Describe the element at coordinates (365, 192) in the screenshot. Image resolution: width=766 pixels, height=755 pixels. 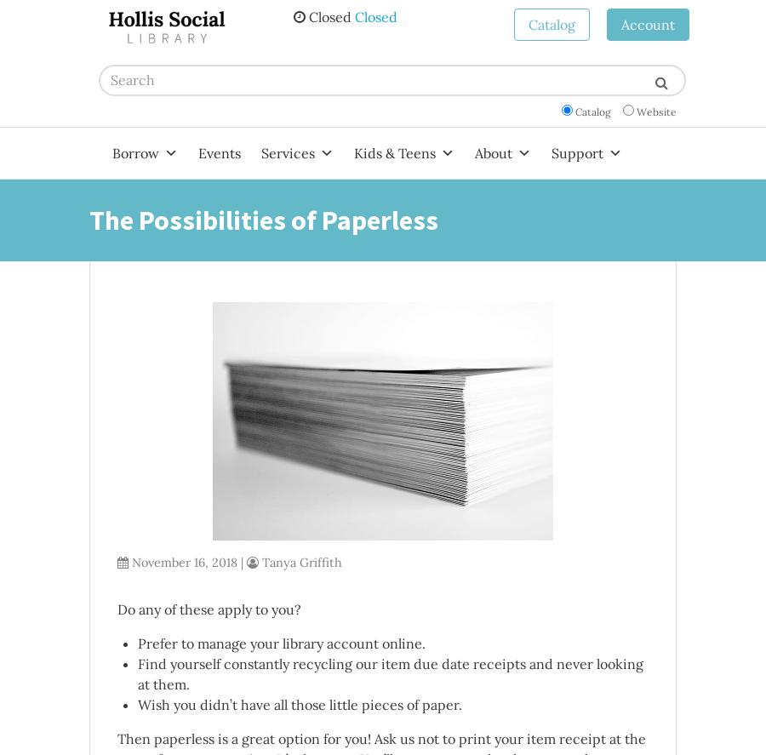
I see `'Kids'` at that location.